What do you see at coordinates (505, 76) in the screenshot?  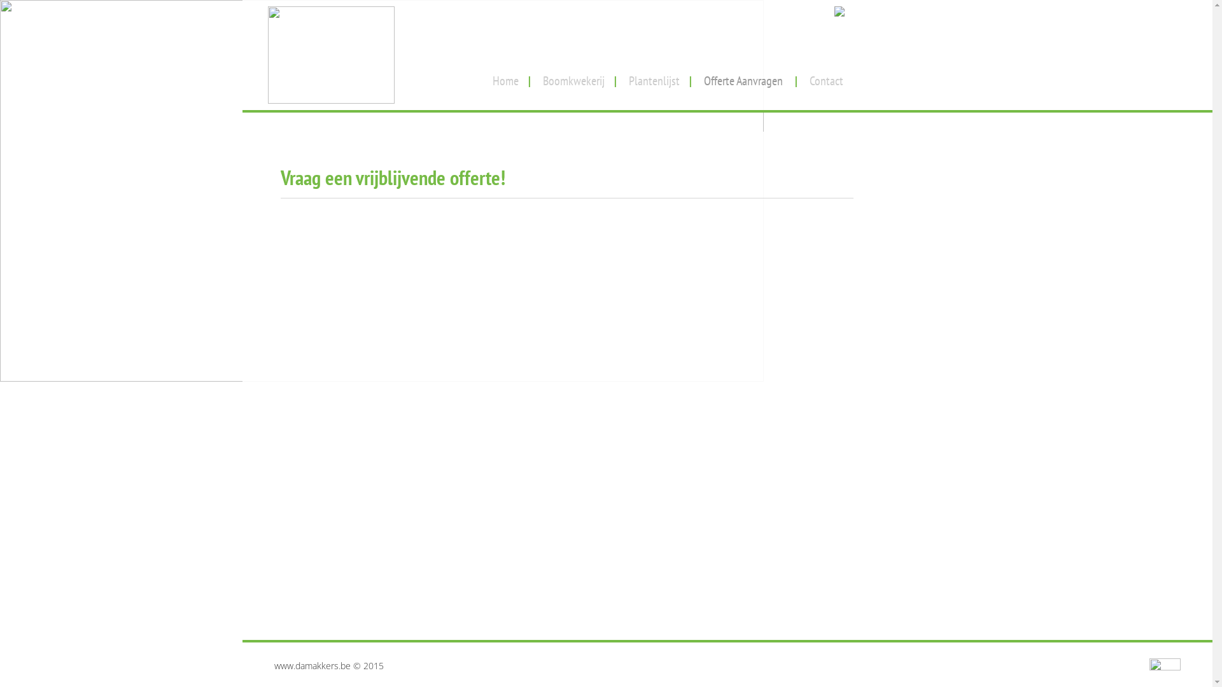 I see `'Home'` at bounding box center [505, 76].